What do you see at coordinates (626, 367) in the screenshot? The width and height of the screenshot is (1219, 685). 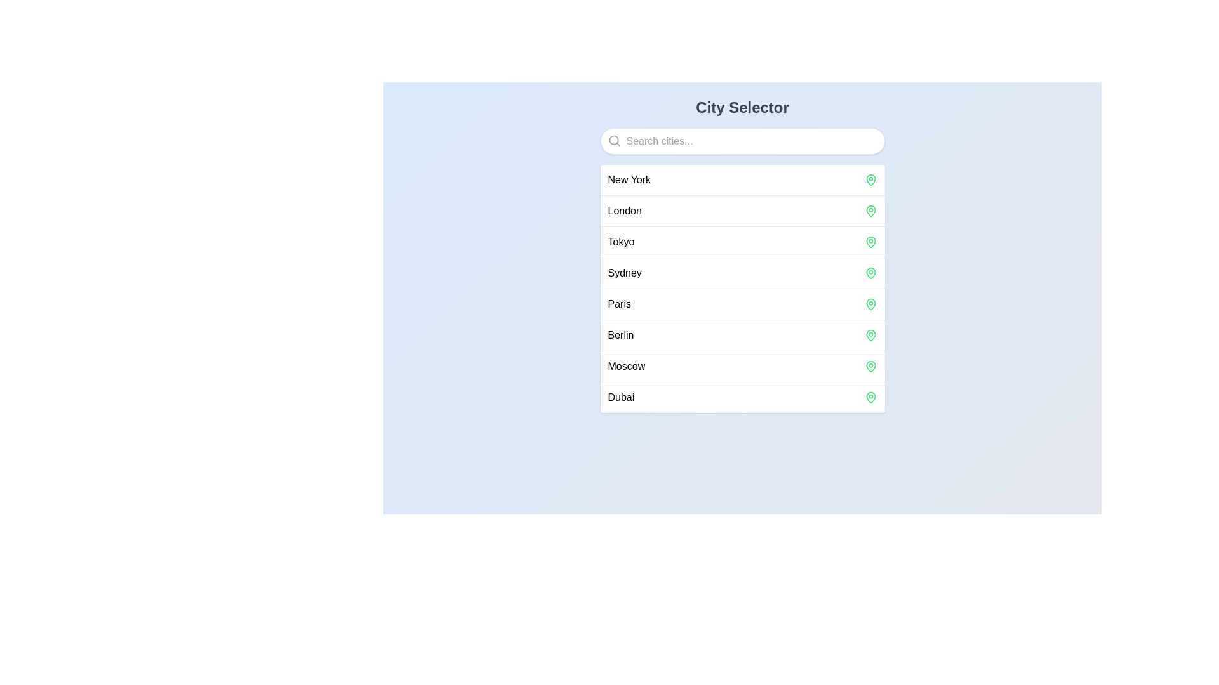 I see `the text label displaying the city name 'Moscow' in the city selection dropdown menu` at bounding box center [626, 367].